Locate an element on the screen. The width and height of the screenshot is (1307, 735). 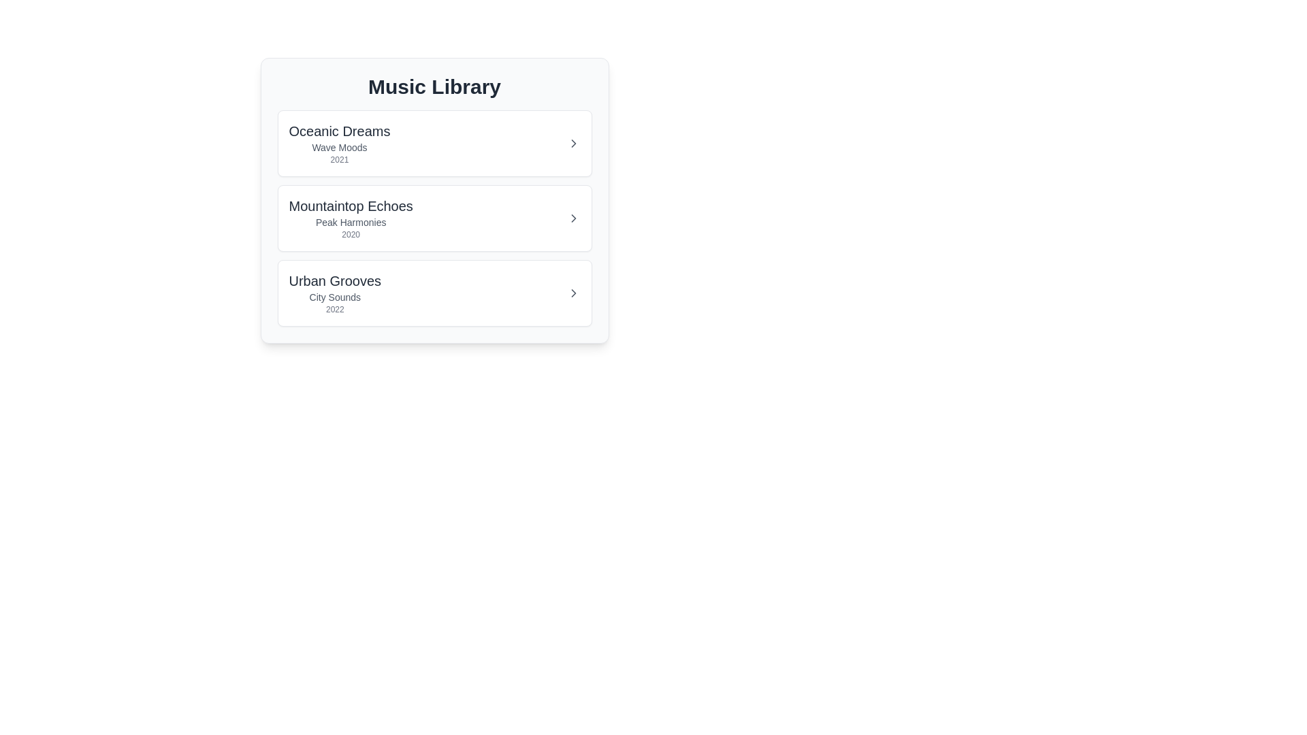
expand button for the album item with the name Urban Grooves is located at coordinates (573, 293).